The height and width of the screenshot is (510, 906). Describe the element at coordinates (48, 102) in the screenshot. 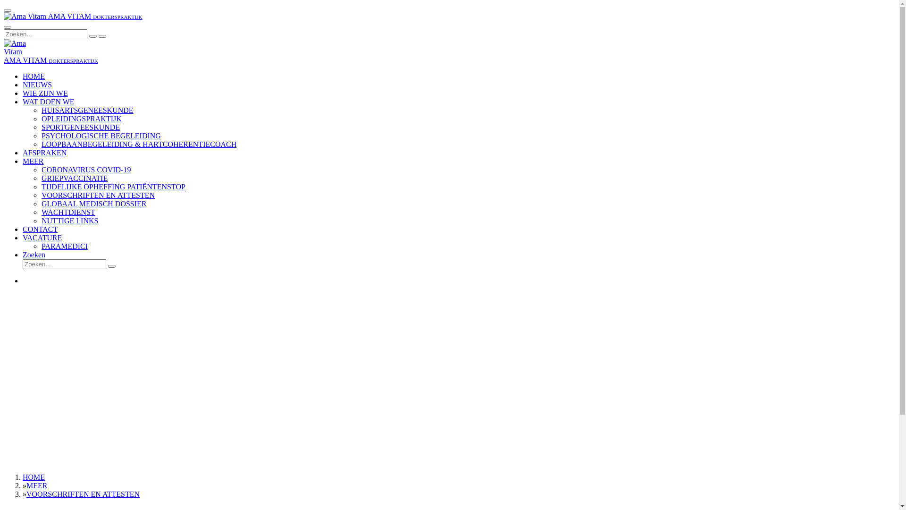

I see `'WAT DOEN WE'` at that location.